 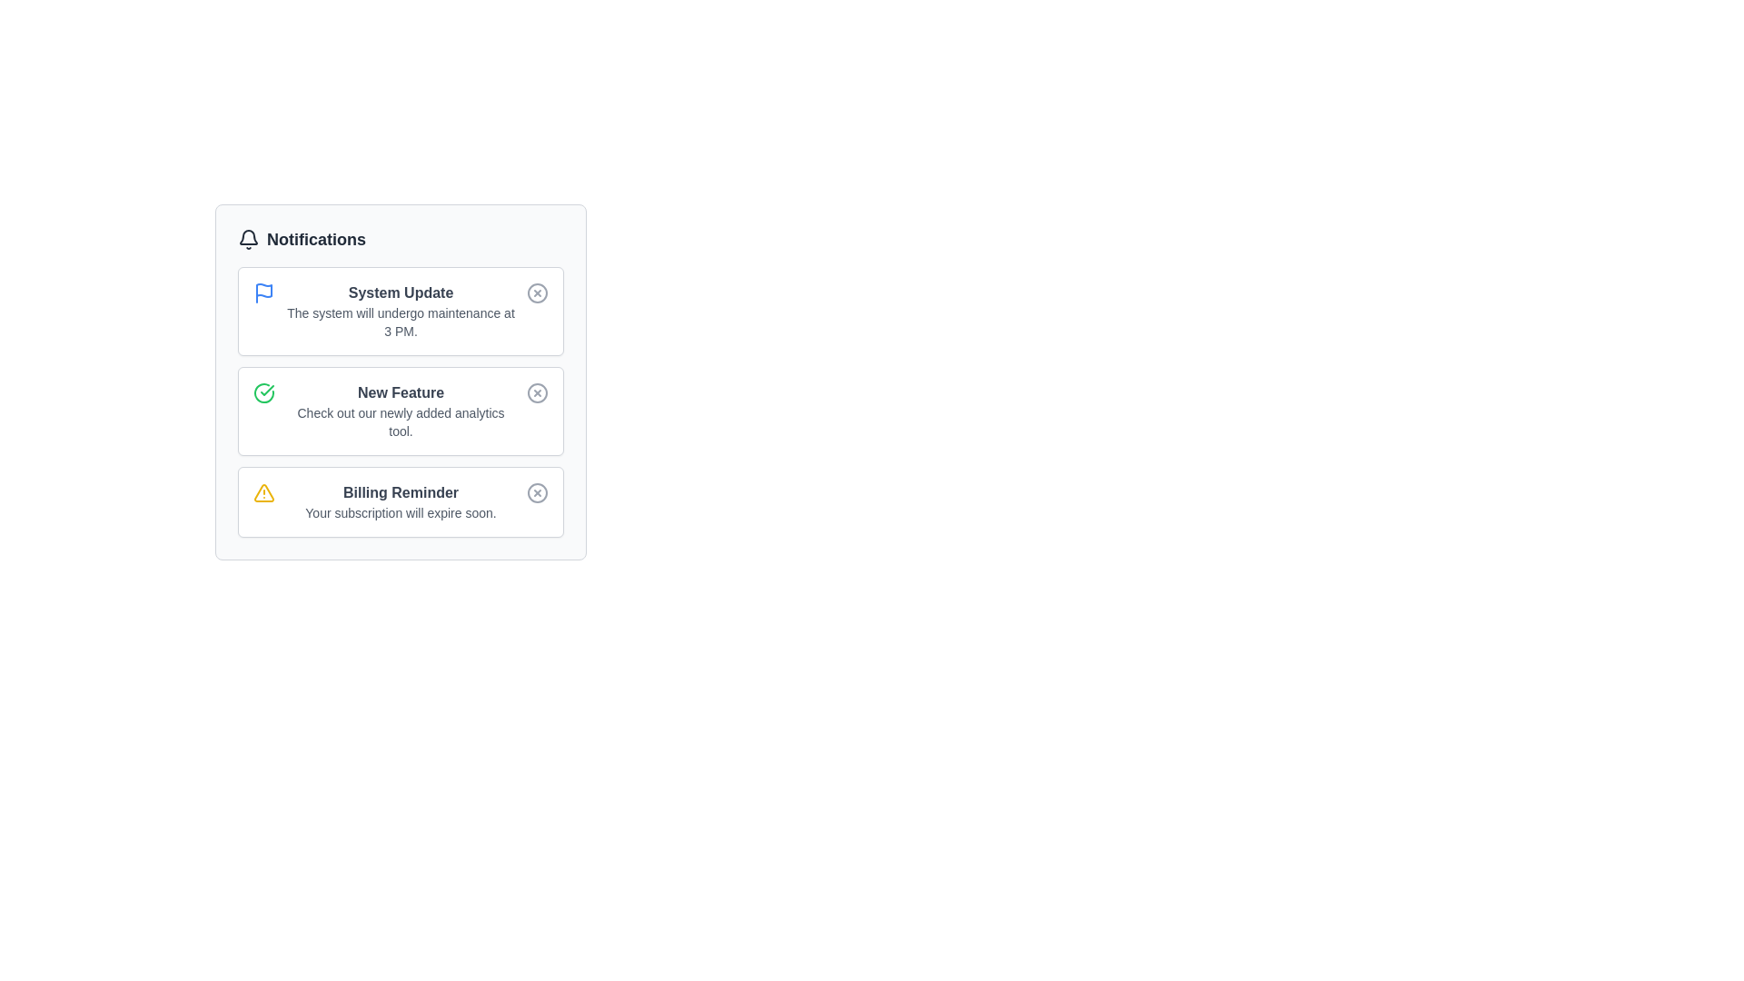 What do you see at coordinates (536, 391) in the screenshot?
I see `the circular graphic element within the notification card titled 'New Feature', which is positioned alongside a red exit icon` at bounding box center [536, 391].